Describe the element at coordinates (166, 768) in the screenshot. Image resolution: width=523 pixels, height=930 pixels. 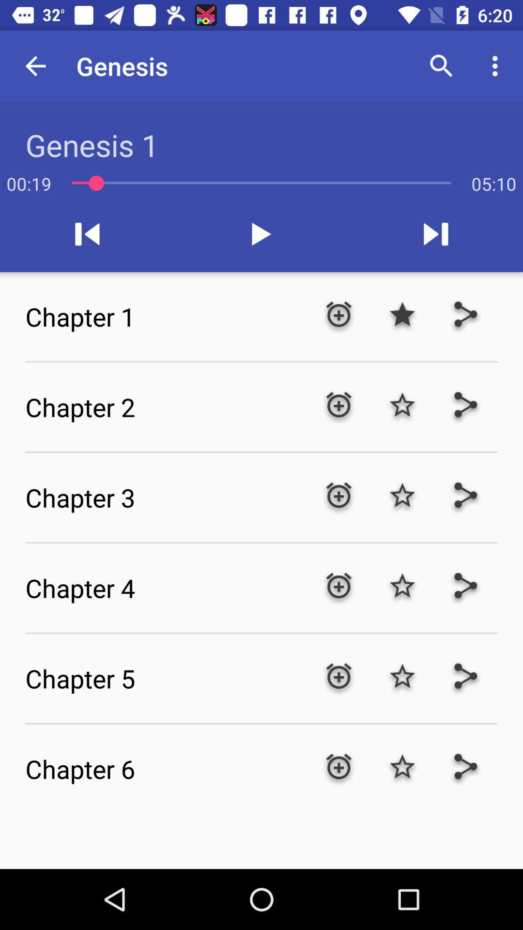
I see `the chapter 6` at that location.